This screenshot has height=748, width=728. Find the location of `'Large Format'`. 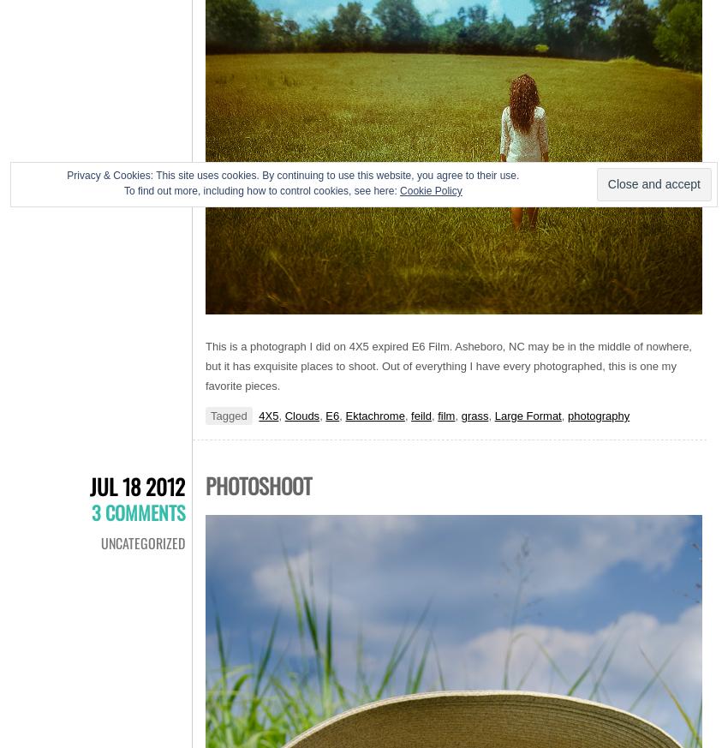

'Large Format' is located at coordinates (526, 416).